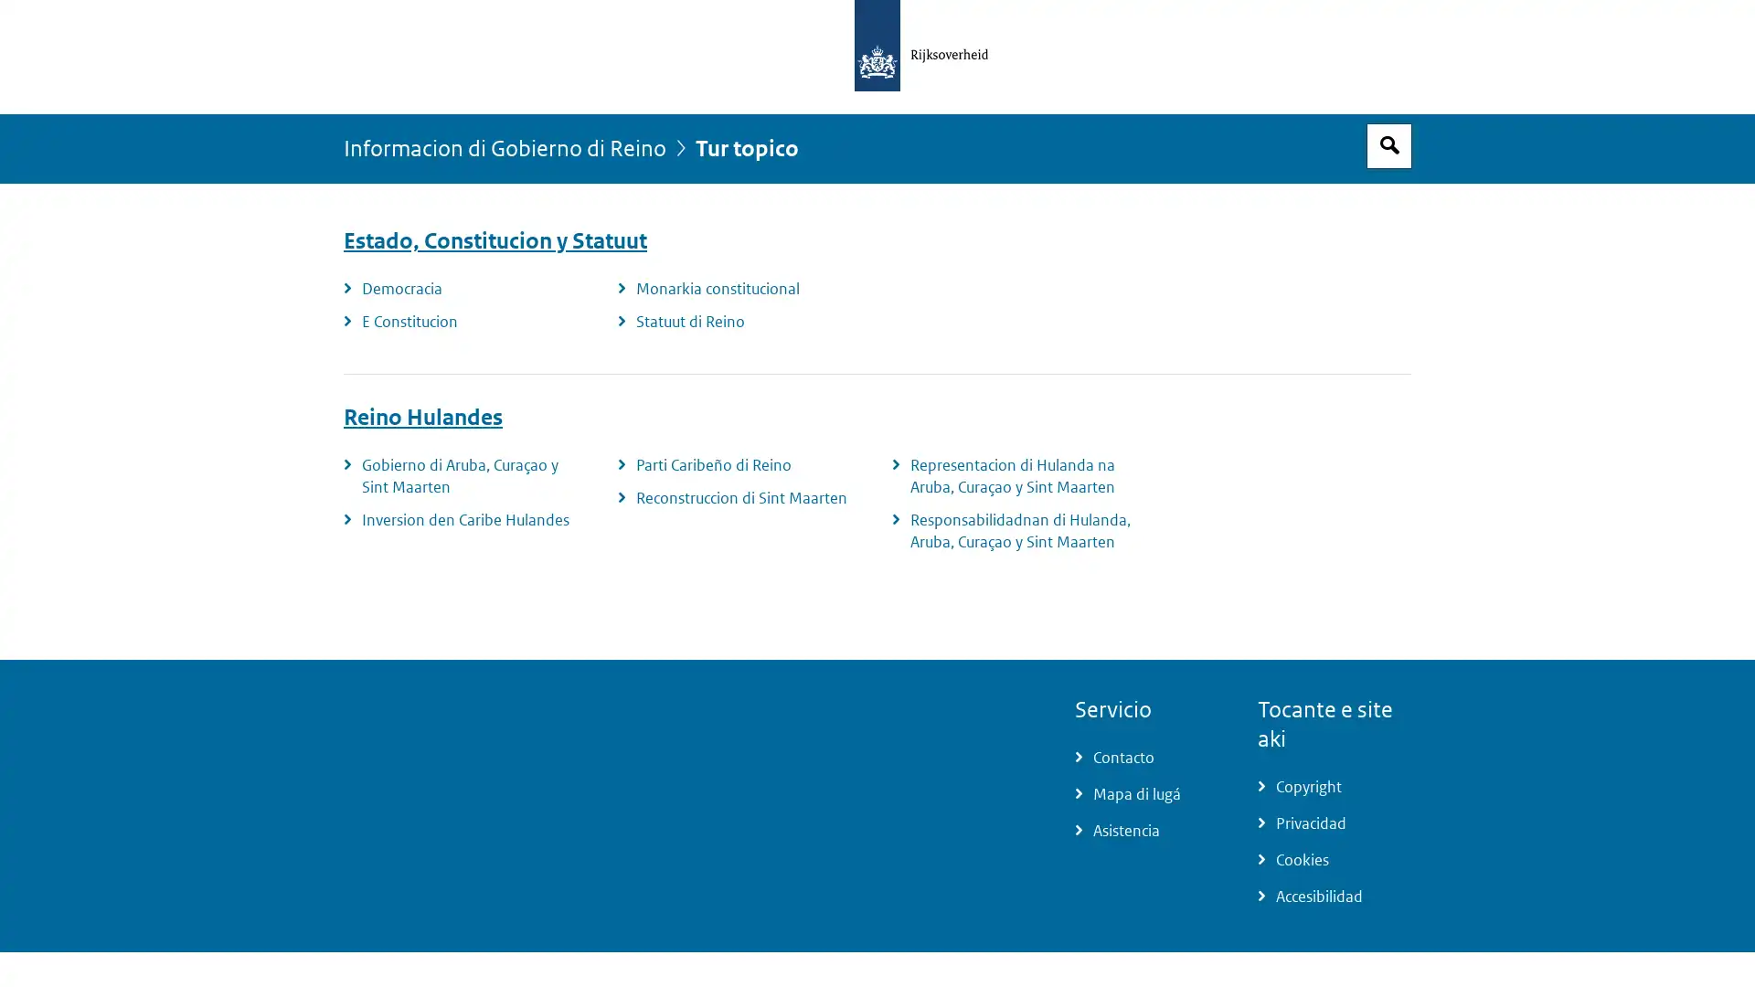 Image resolution: width=1755 pixels, height=987 pixels. I want to click on Espacio pa busca habri, so click(1389, 144).